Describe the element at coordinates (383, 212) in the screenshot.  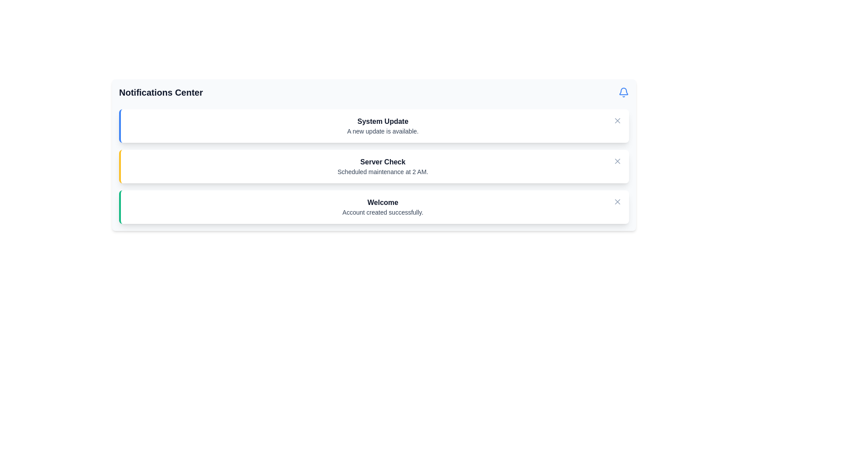
I see `the static text that states 'Account created successfully.' located below the heading 'Welcome' in the third notification card` at that location.